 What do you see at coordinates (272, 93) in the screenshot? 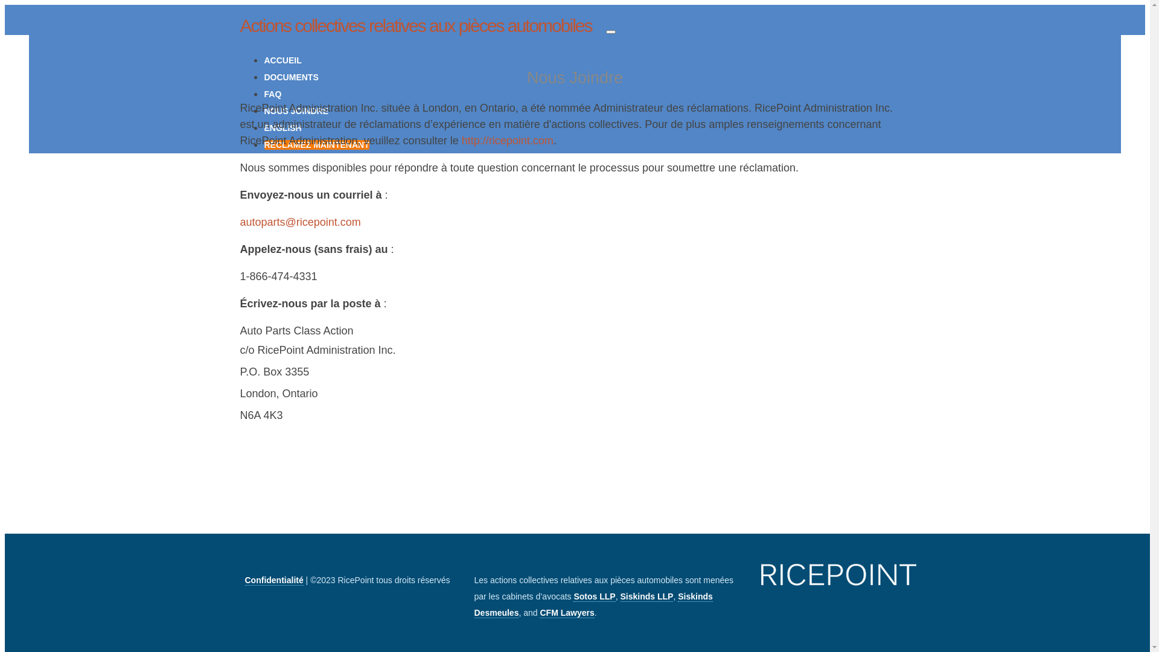
I see `'FAQ'` at bounding box center [272, 93].